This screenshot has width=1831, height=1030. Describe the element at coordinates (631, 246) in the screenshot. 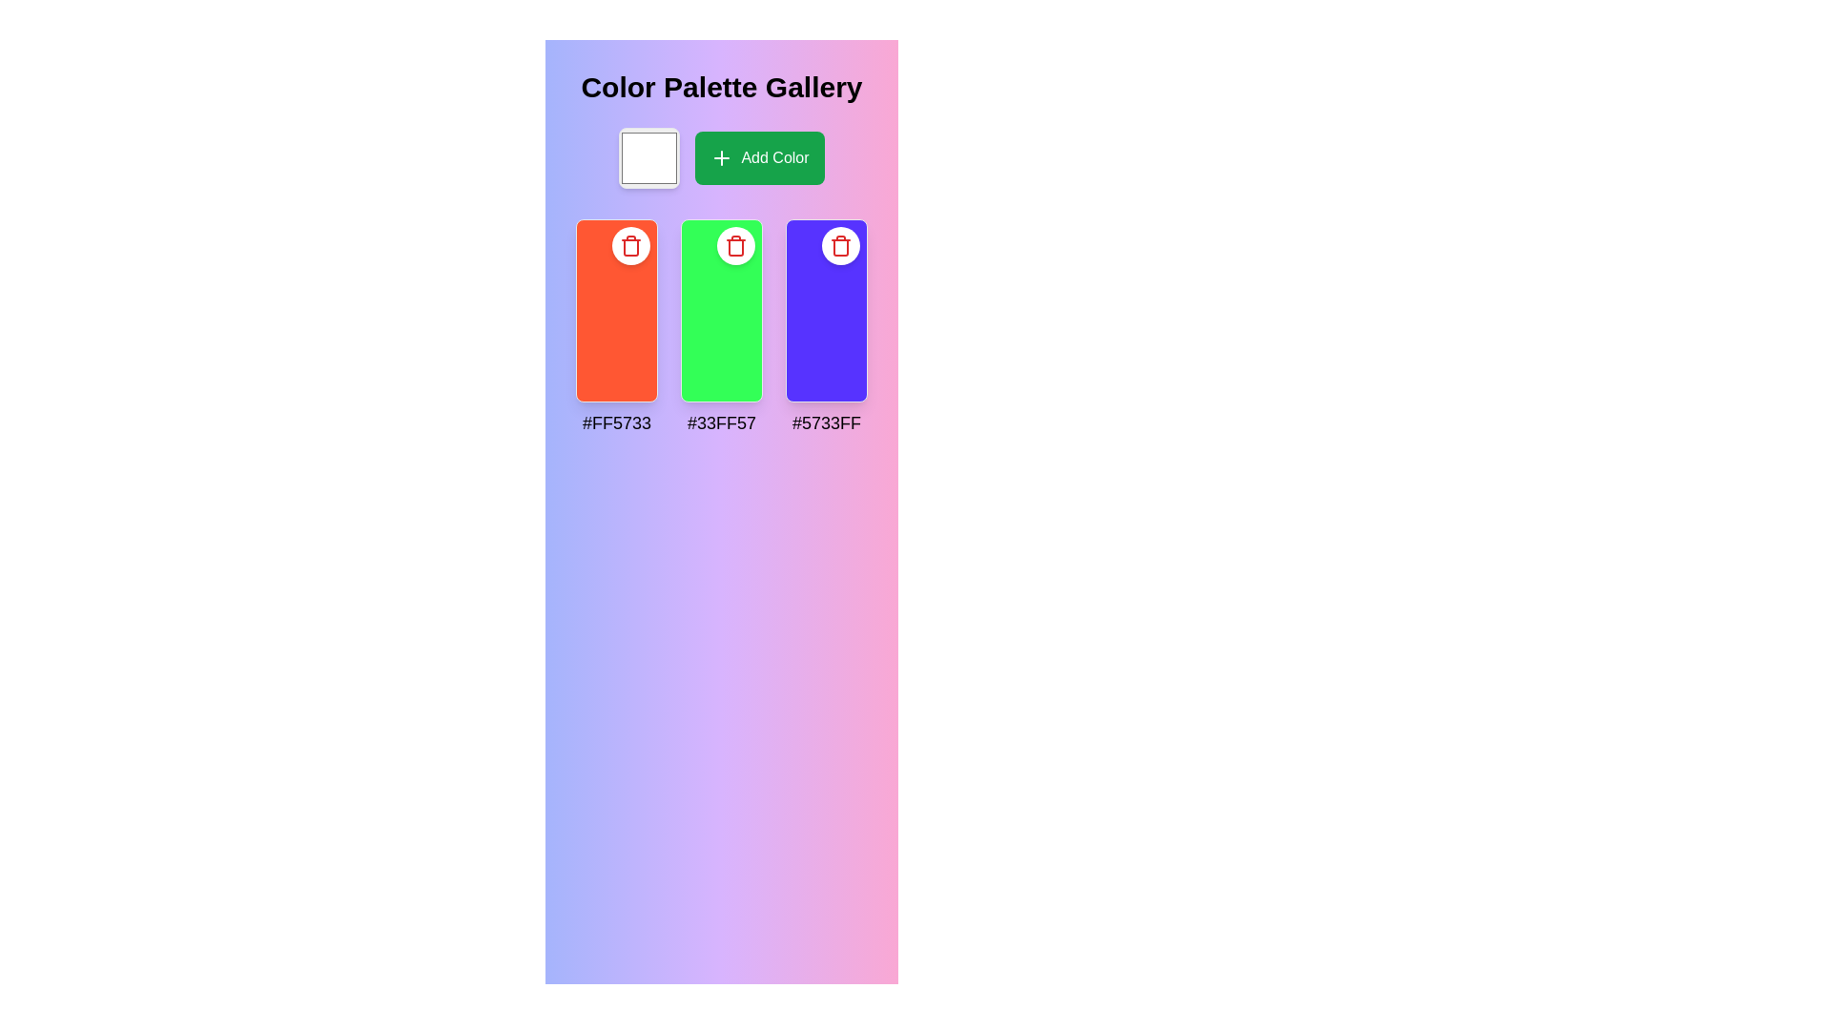

I see `the curved rectangular outline of the trash can's body, which is part of the trash can icon located on the highlighted color tile` at that location.